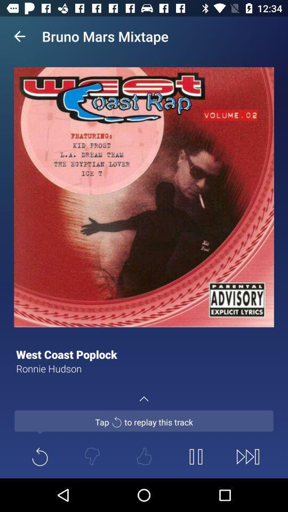  What do you see at coordinates (247, 456) in the screenshot?
I see `the skip_next icon` at bounding box center [247, 456].